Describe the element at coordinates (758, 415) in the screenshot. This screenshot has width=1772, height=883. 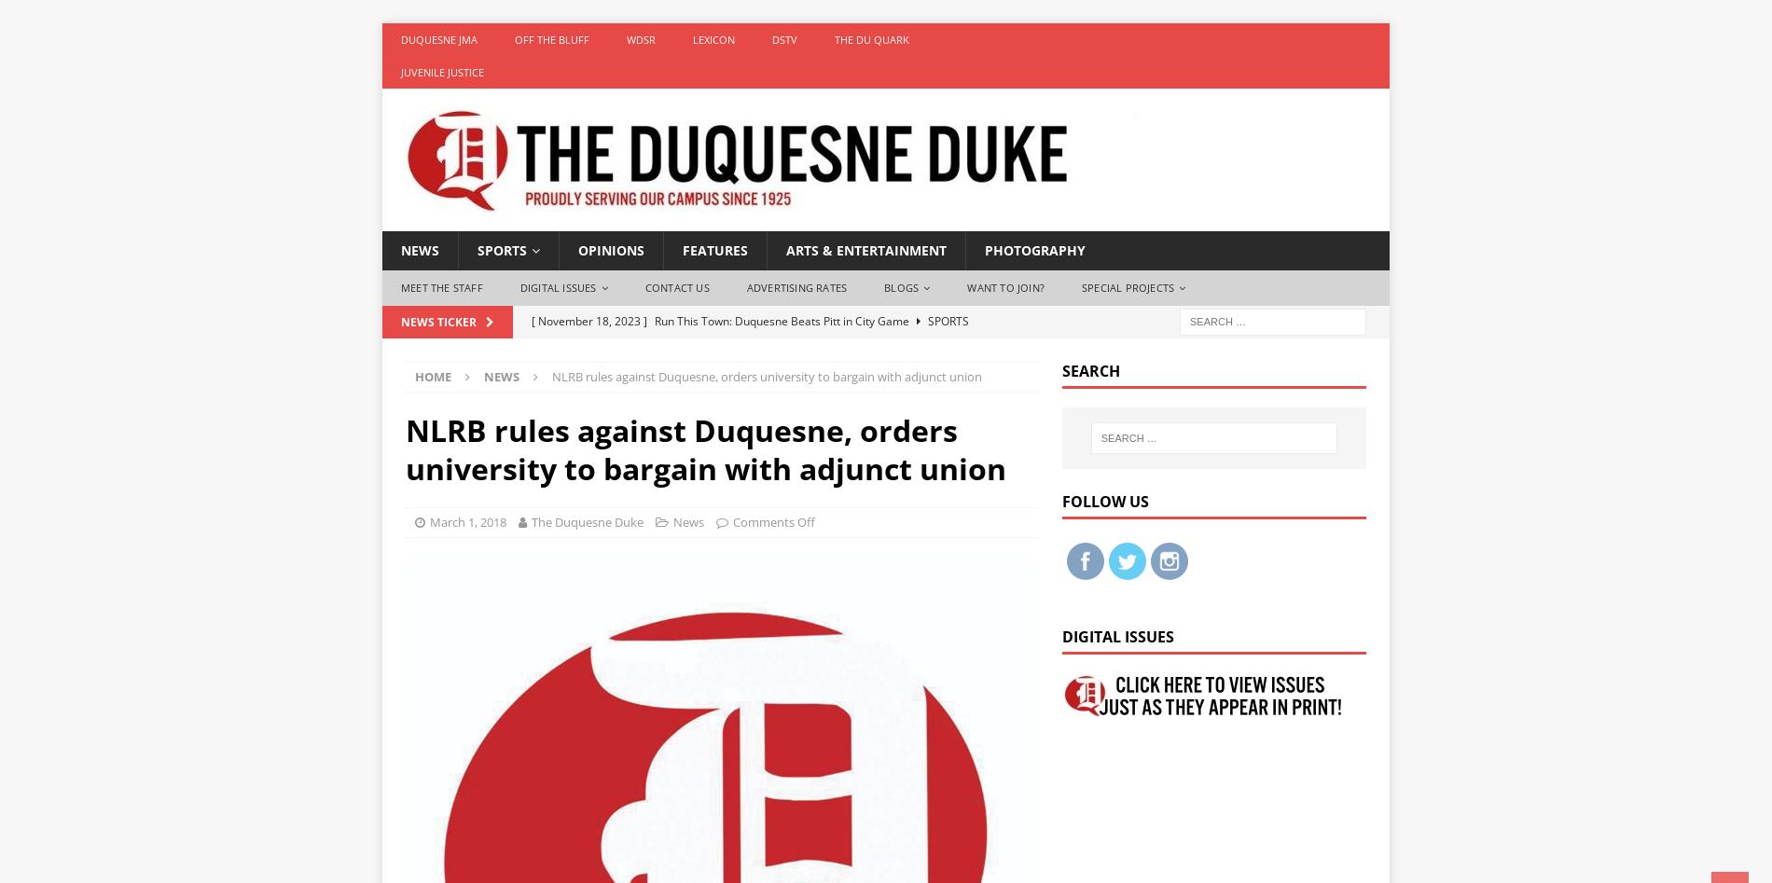
I see `'Duq student wins local case competition'` at that location.